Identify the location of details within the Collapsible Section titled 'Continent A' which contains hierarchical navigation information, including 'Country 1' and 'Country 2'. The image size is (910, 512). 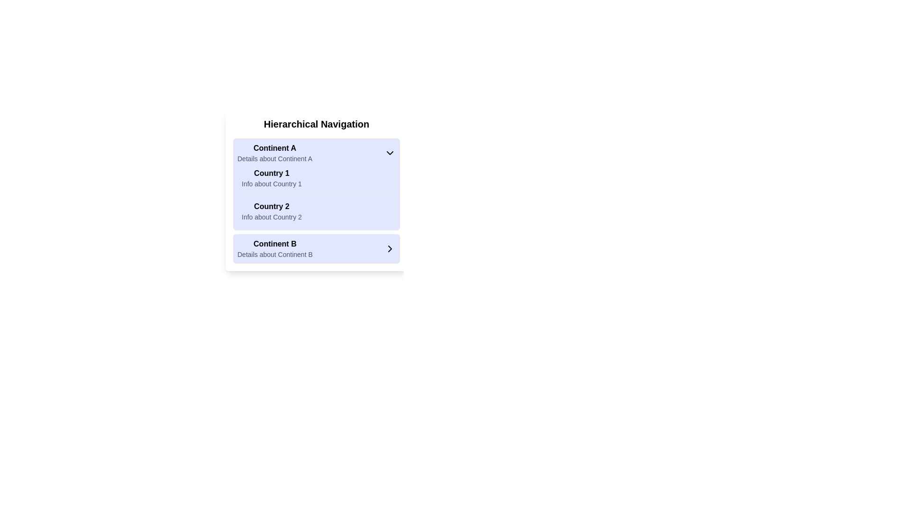
(316, 184).